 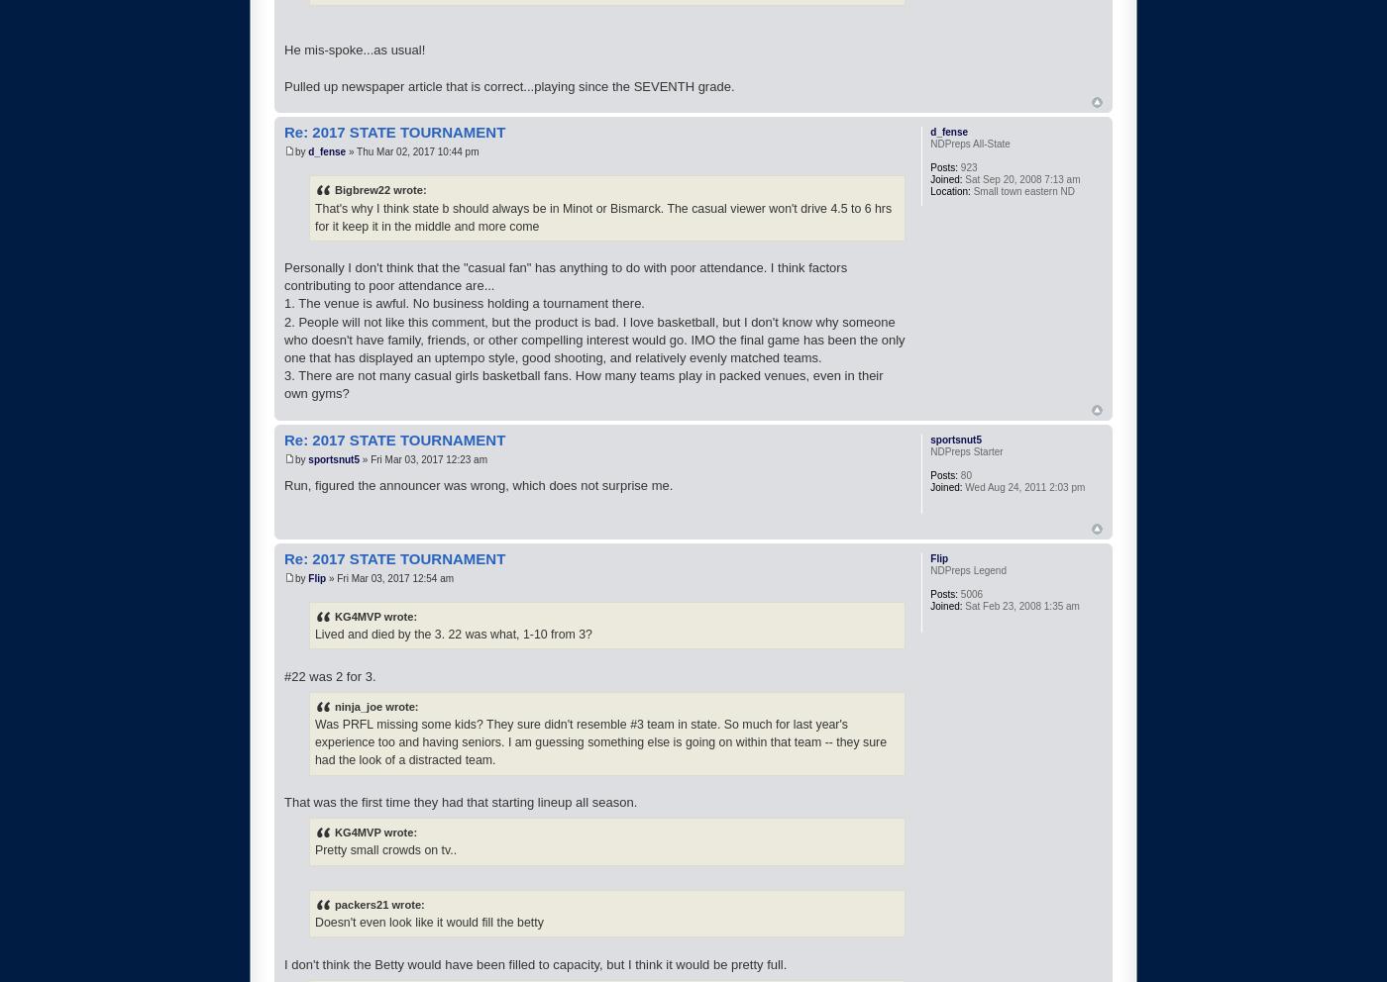 I want to click on '» Fri Mar 03, 2017 12:23 am', so click(x=423, y=458).